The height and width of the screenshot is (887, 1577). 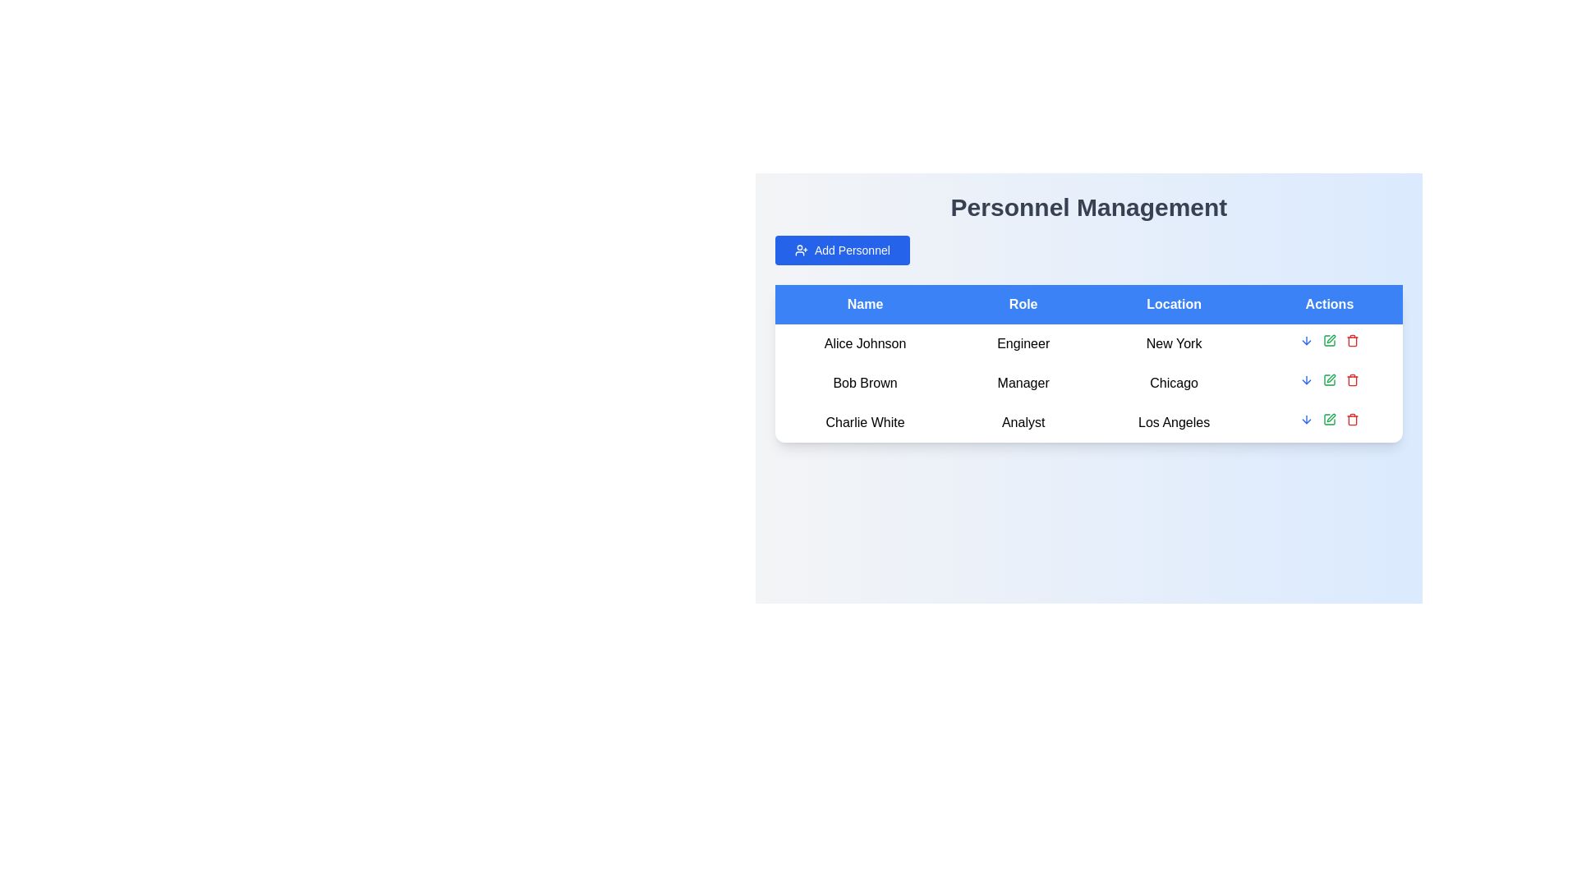 What do you see at coordinates (1023, 422) in the screenshot?
I see `text content of the 'Analyst' label located in the second cell of the 'Role' column under the 'Charlie White' row in the table` at bounding box center [1023, 422].